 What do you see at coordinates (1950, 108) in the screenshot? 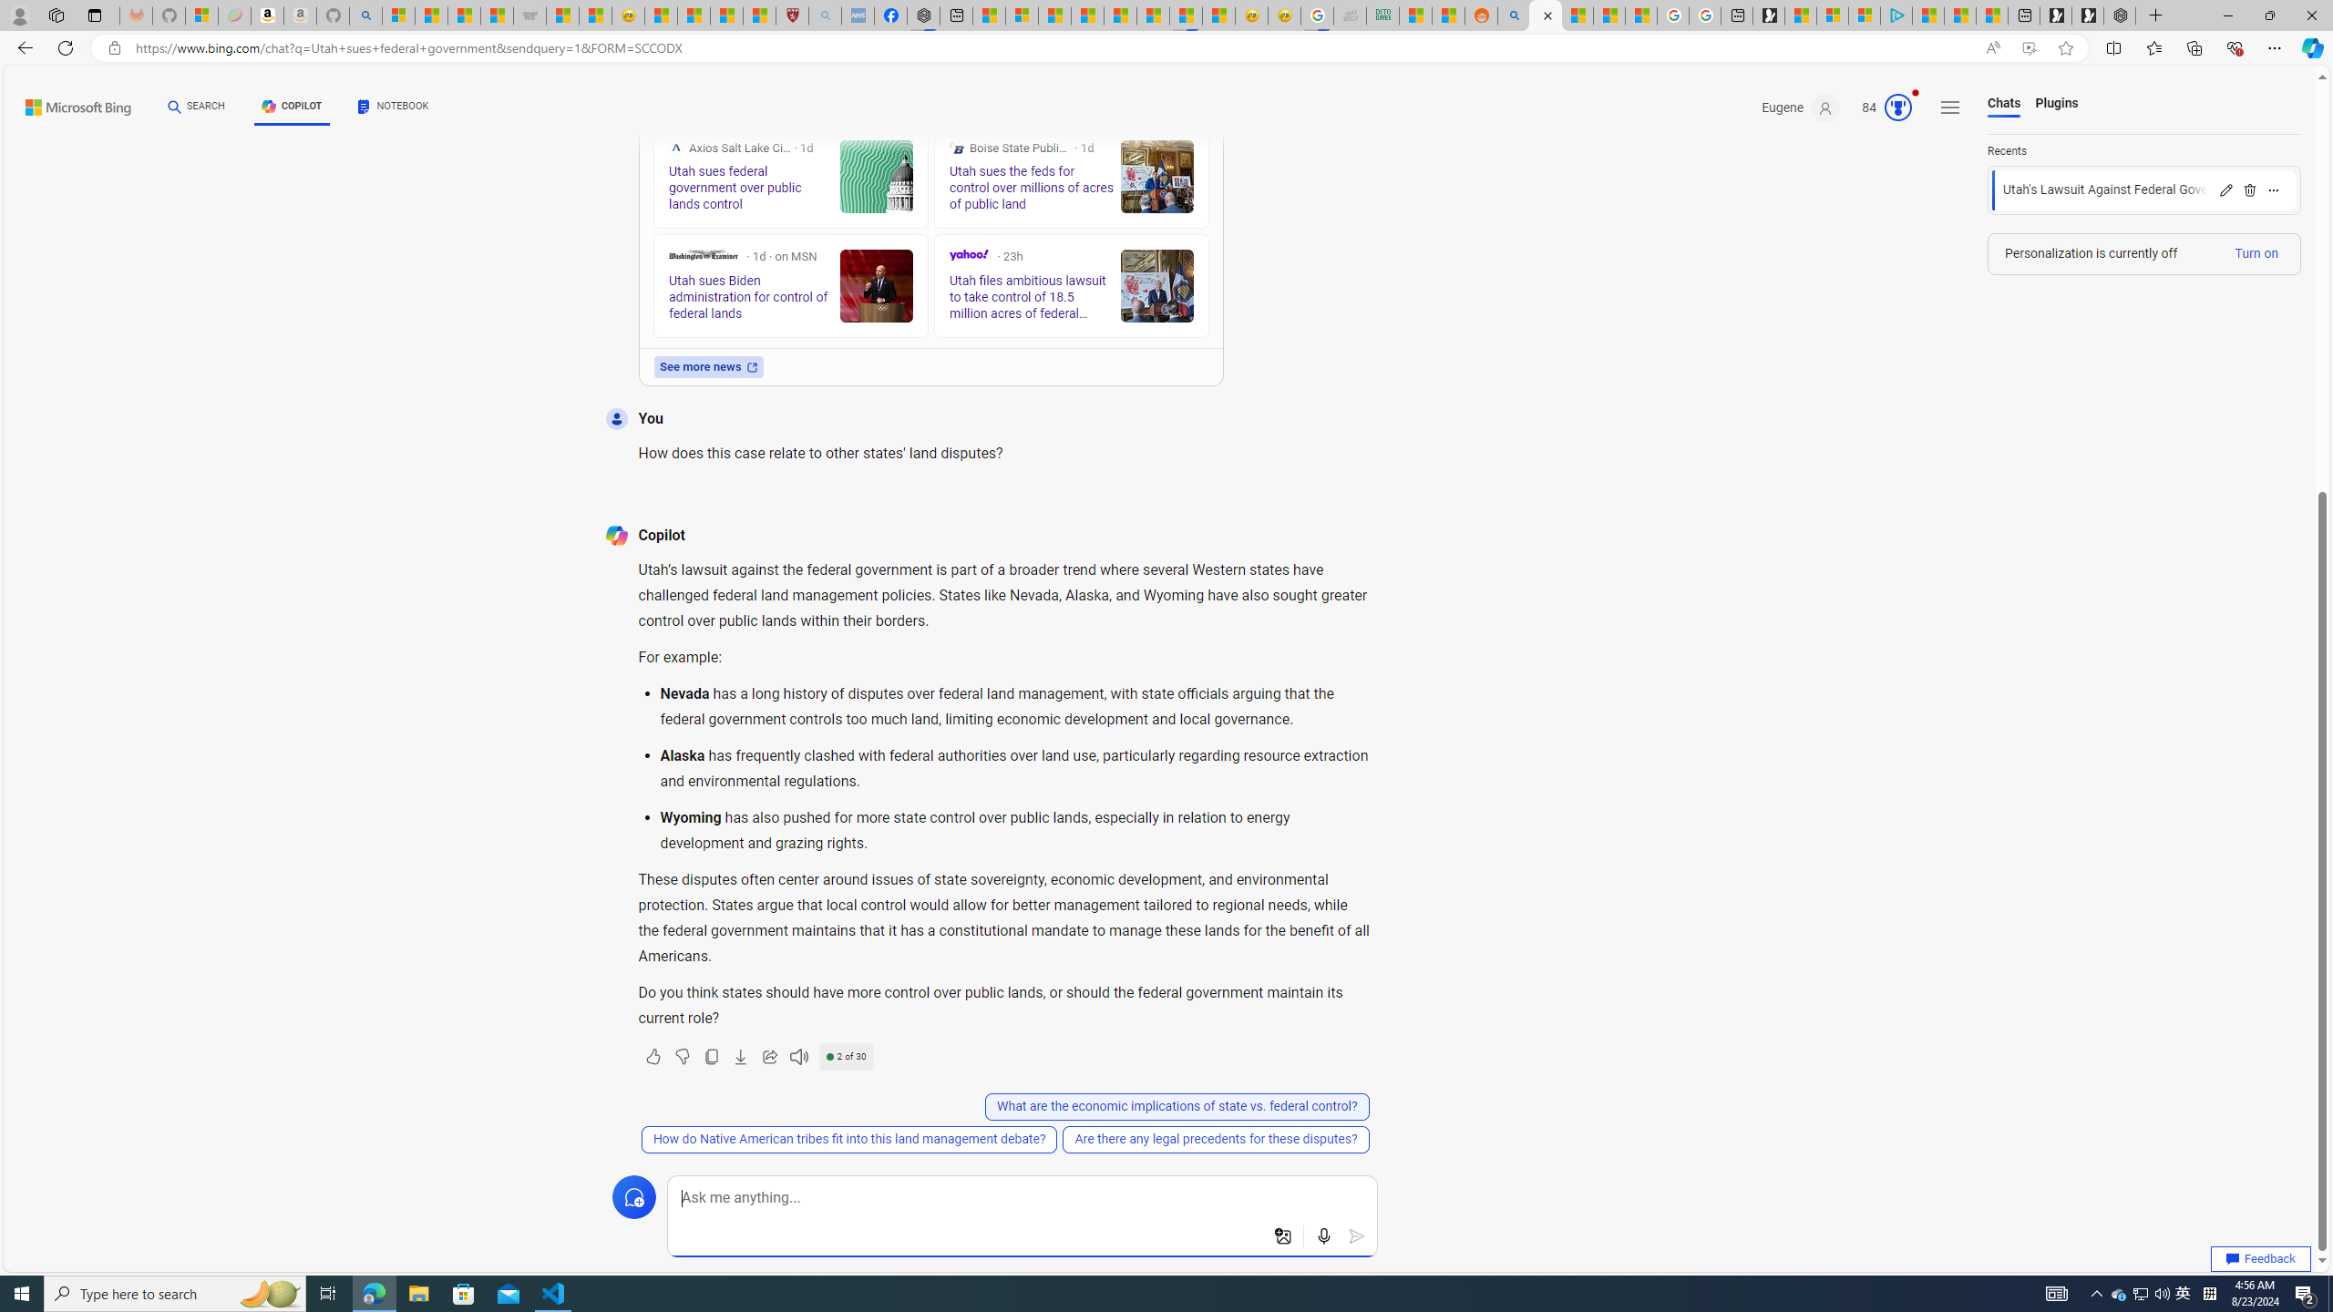
I see `'Settings and quick links'` at bounding box center [1950, 108].